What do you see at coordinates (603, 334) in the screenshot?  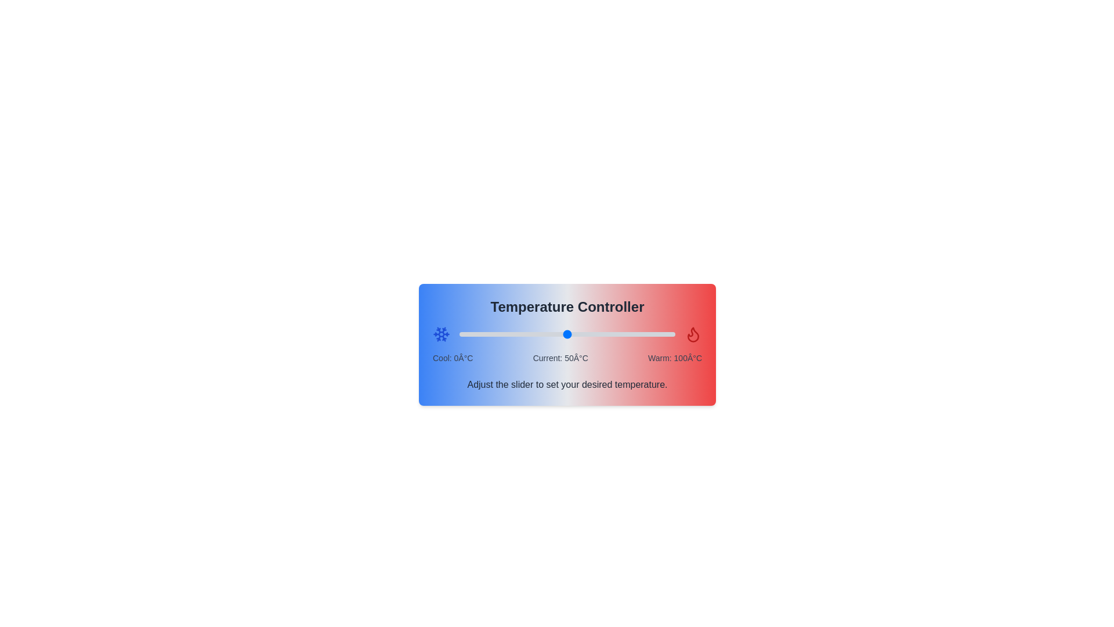 I see `the temperature slider to 67°C` at bounding box center [603, 334].